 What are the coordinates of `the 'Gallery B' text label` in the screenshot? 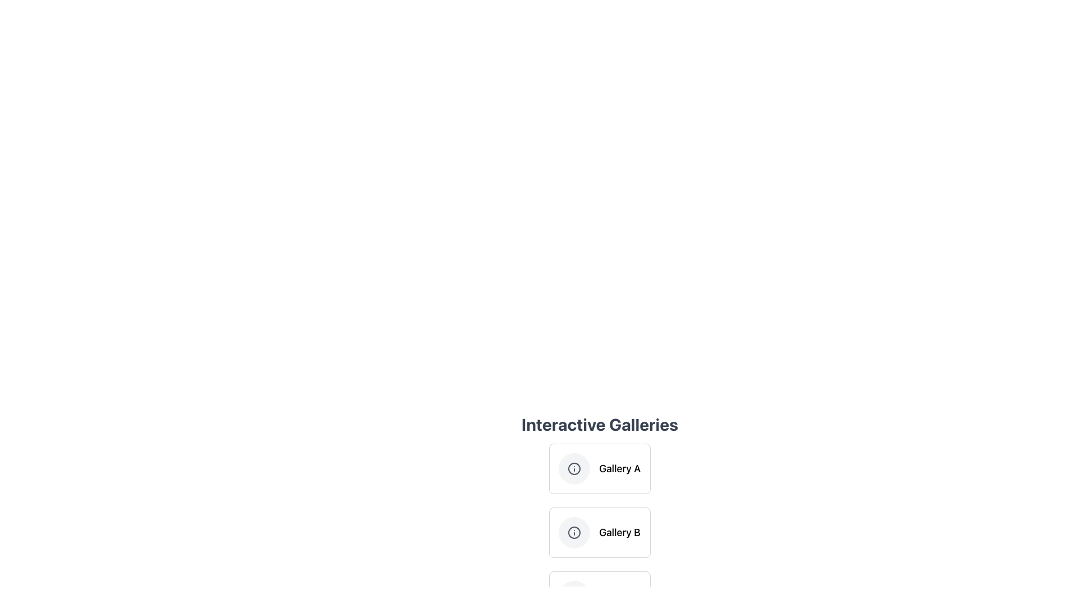 It's located at (619, 532).